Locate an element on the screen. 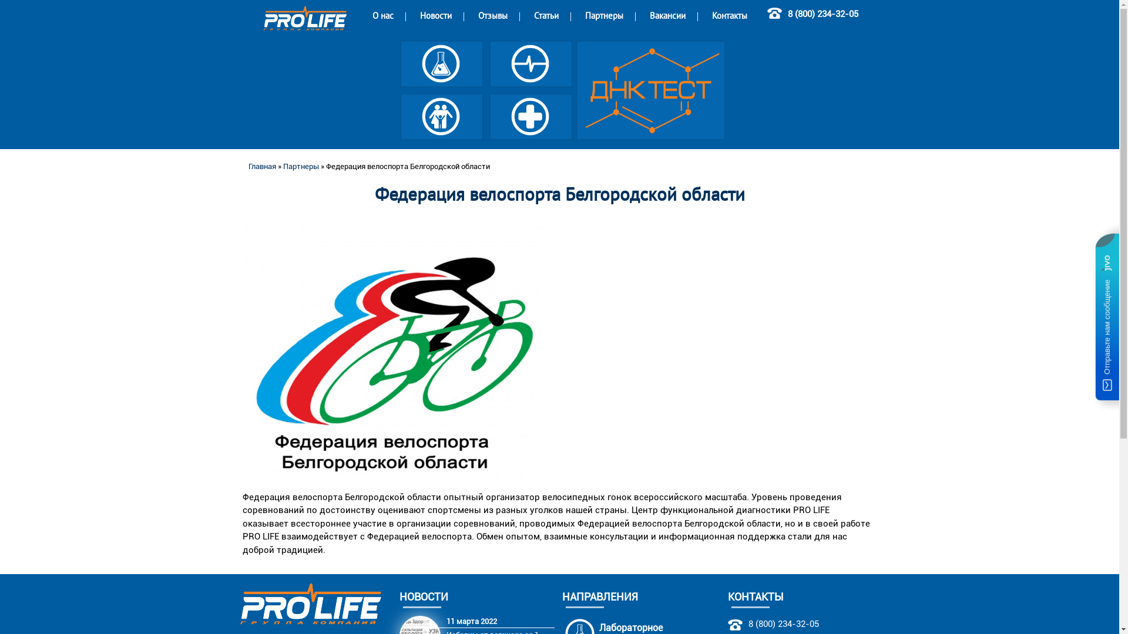 The width and height of the screenshot is (1128, 634). '8 (800) 234-32-05' is located at coordinates (784, 623).